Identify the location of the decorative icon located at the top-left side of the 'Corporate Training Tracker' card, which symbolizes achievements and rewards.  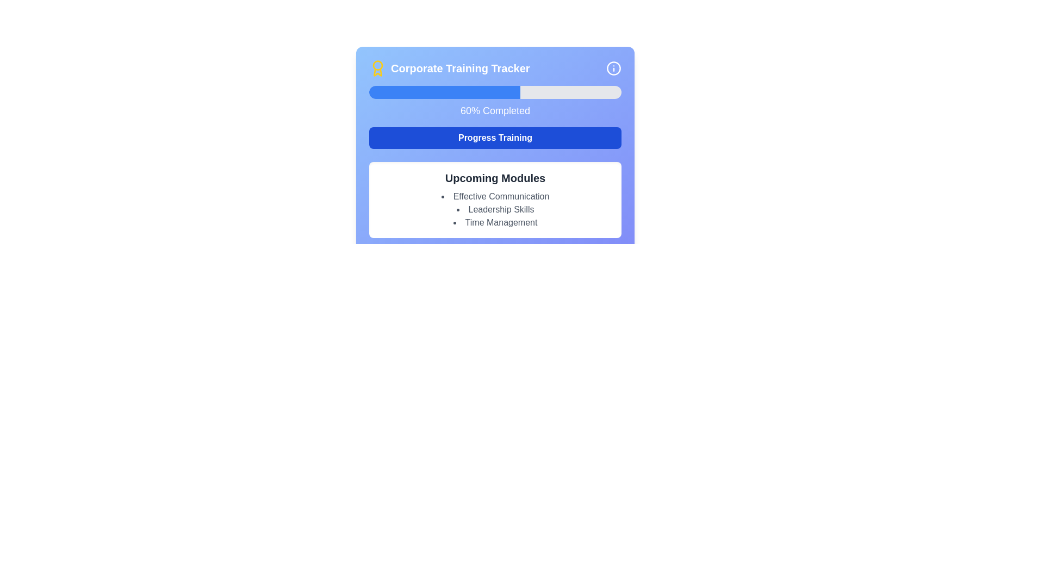
(378, 68).